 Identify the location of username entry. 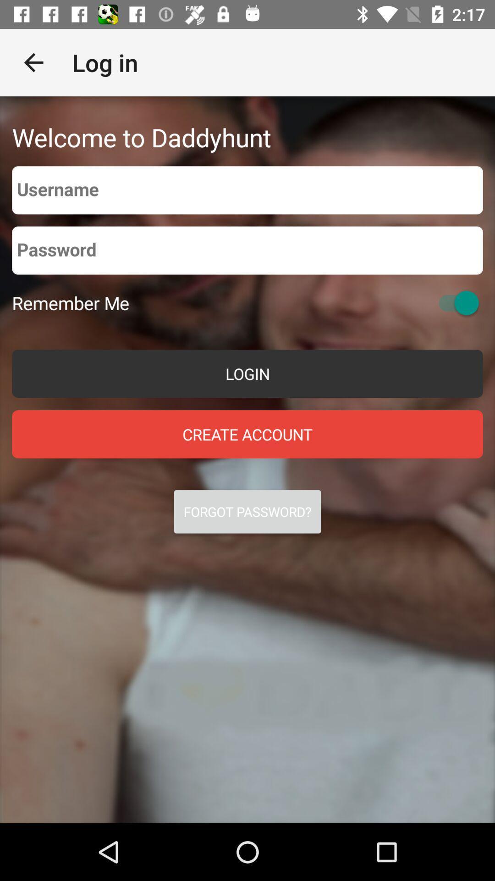
(247, 190).